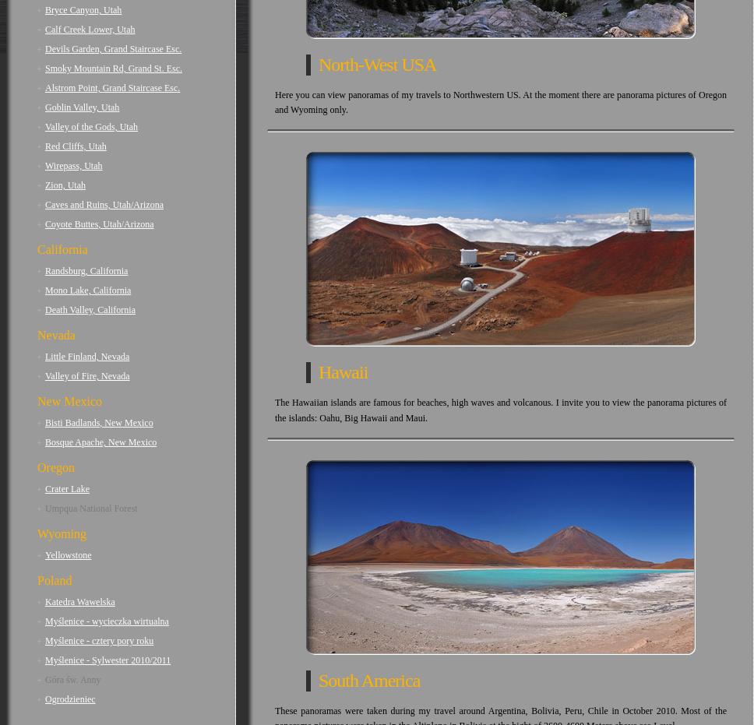 The image size is (754, 725). What do you see at coordinates (44, 621) in the screenshot?
I see `'Myślenice - wycieczka wirtualna'` at bounding box center [44, 621].